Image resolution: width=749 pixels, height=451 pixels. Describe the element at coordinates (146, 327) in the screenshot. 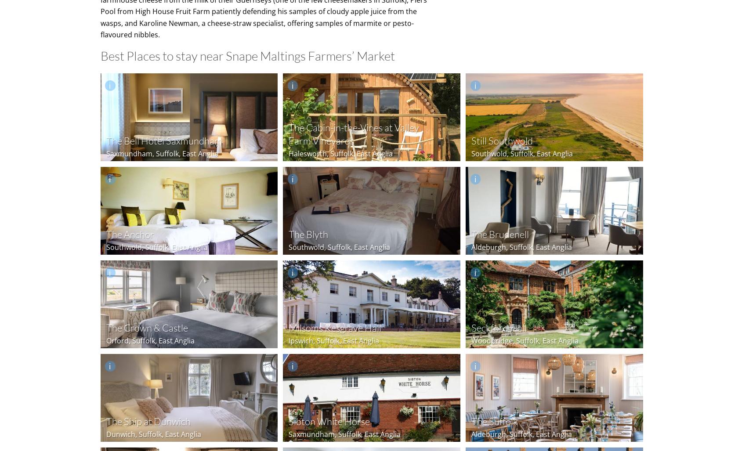

I see `'The Crown & Castle'` at that location.